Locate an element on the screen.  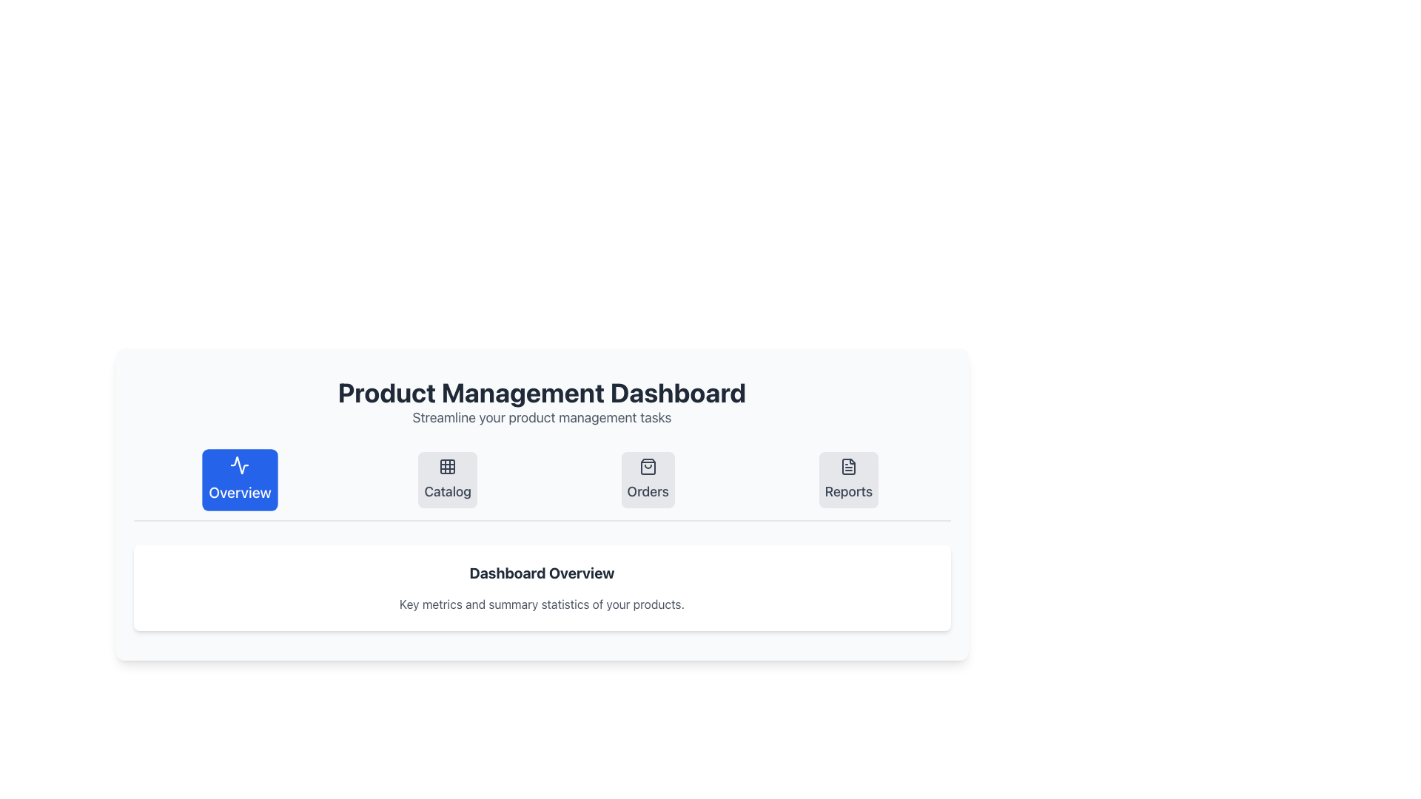
static text element displaying 'Key metrics and summary statistics of your products.' which is located below the 'Dashboard Overview' heading is located at coordinates (541, 604).